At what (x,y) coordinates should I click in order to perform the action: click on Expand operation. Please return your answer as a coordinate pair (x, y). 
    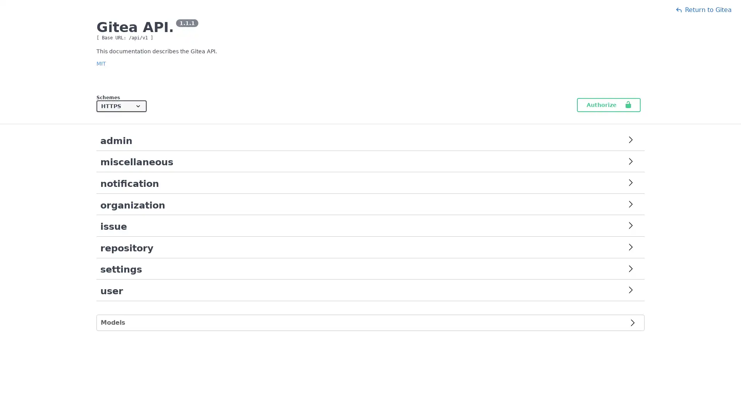
    Looking at the image, I should click on (630, 247).